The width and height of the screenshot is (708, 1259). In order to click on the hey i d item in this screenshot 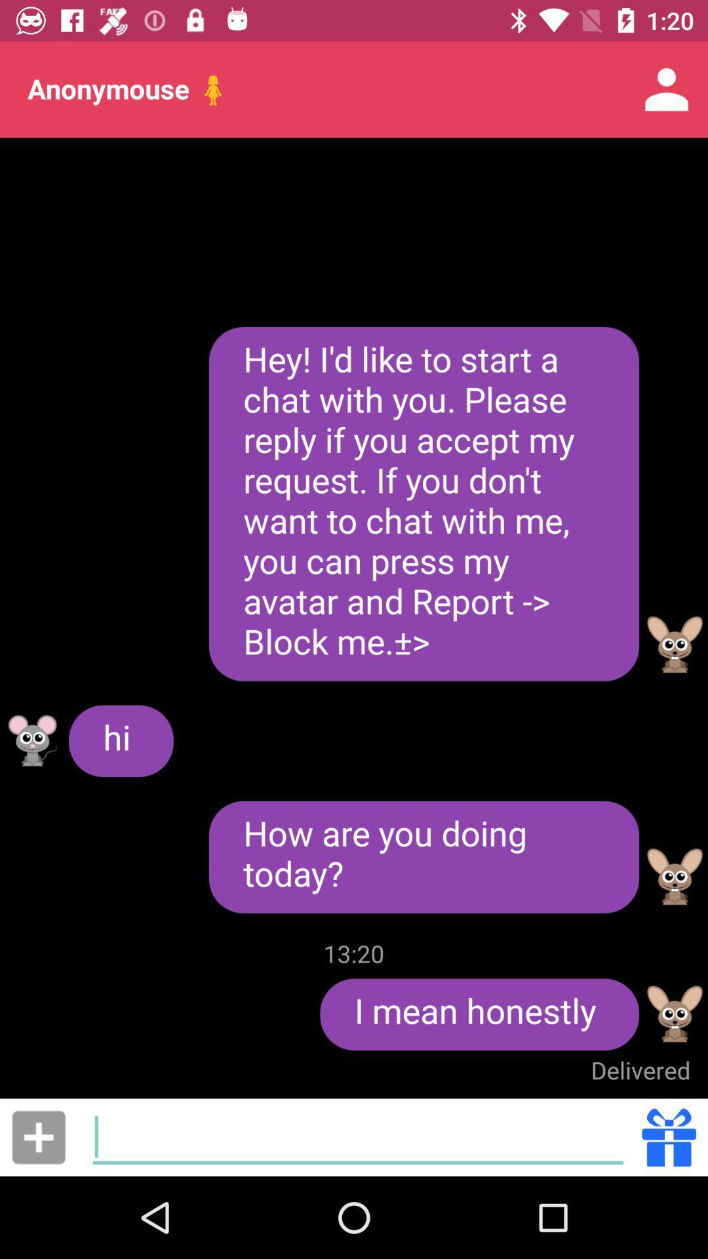, I will do `click(423, 503)`.